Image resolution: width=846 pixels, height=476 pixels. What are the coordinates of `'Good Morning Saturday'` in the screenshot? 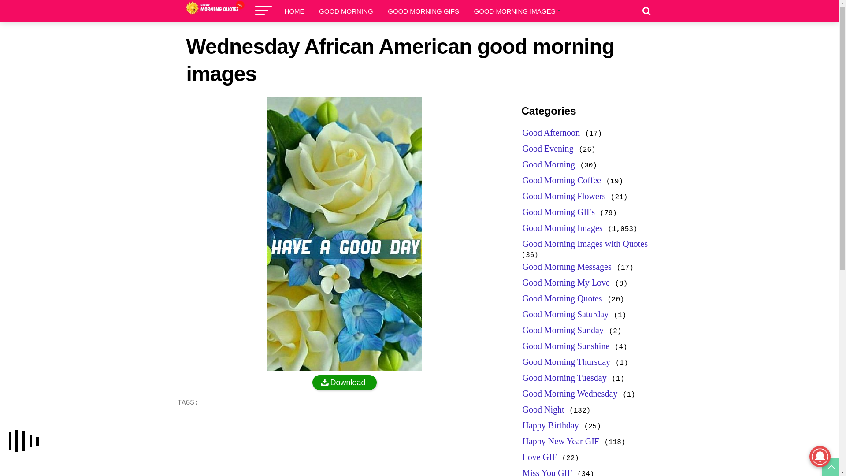 It's located at (565, 314).